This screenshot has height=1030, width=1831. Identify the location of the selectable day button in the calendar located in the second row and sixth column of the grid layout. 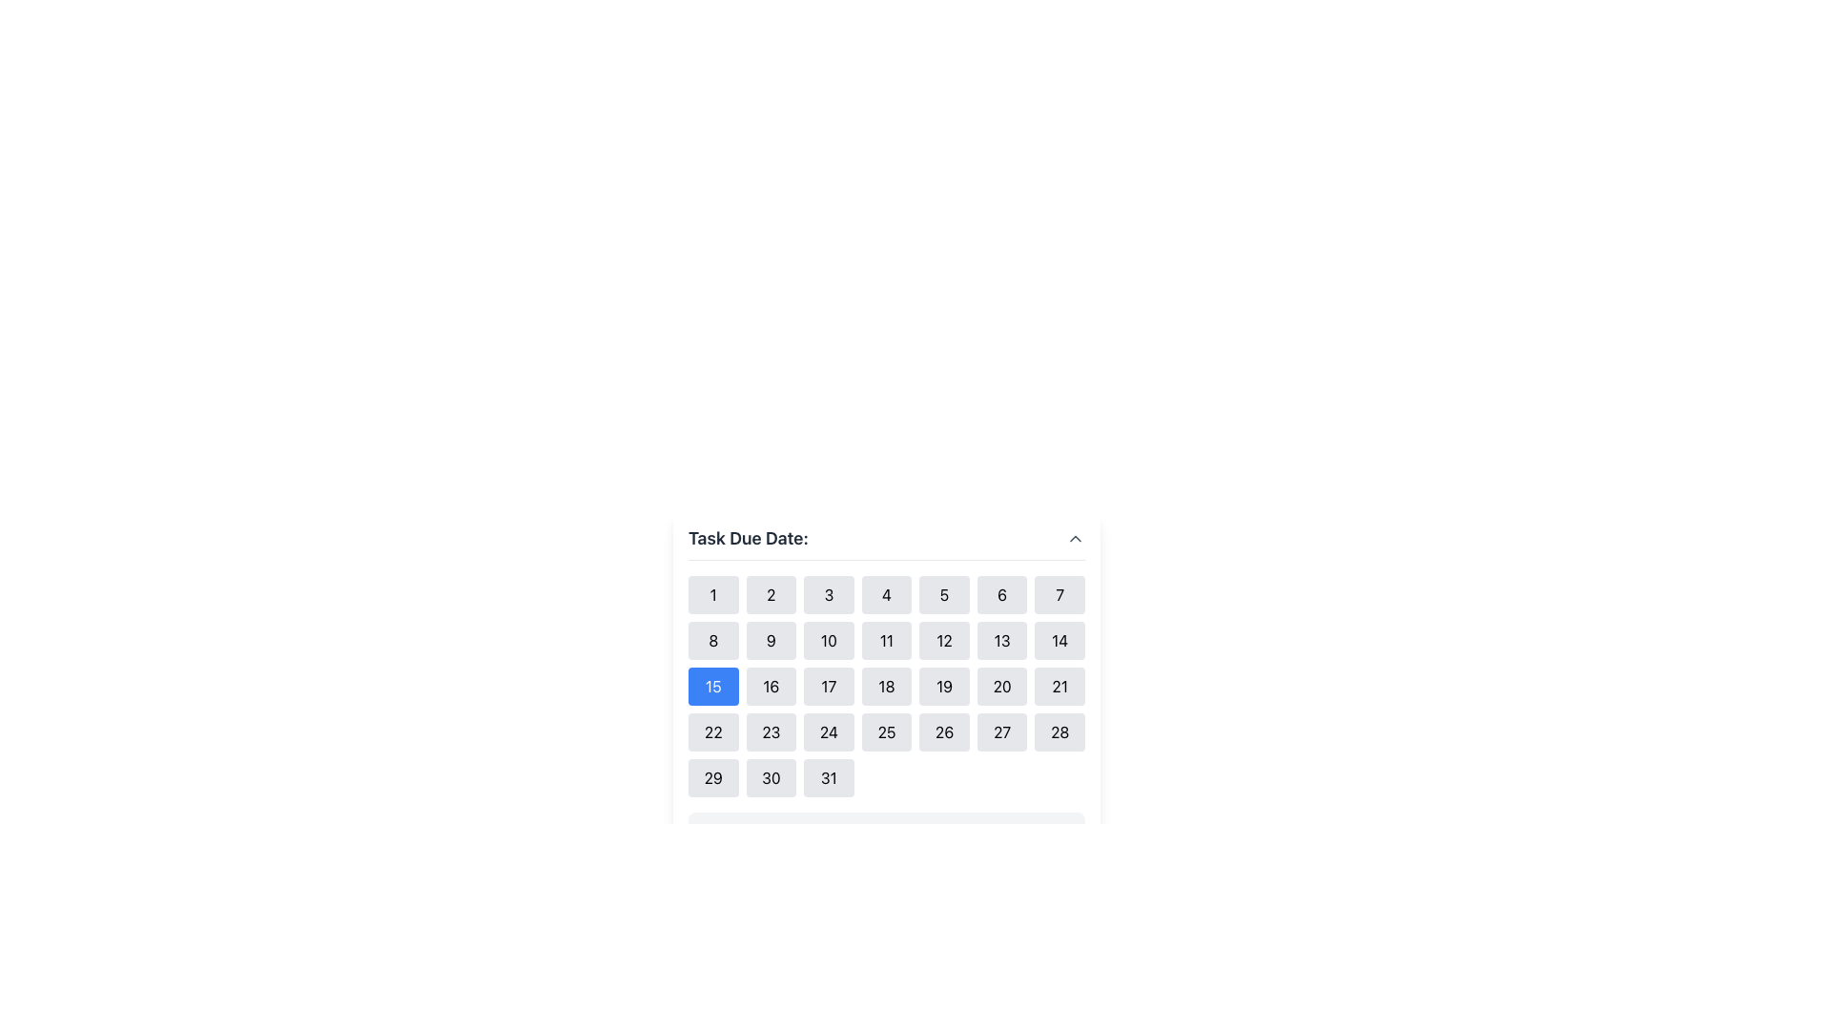
(1001, 640).